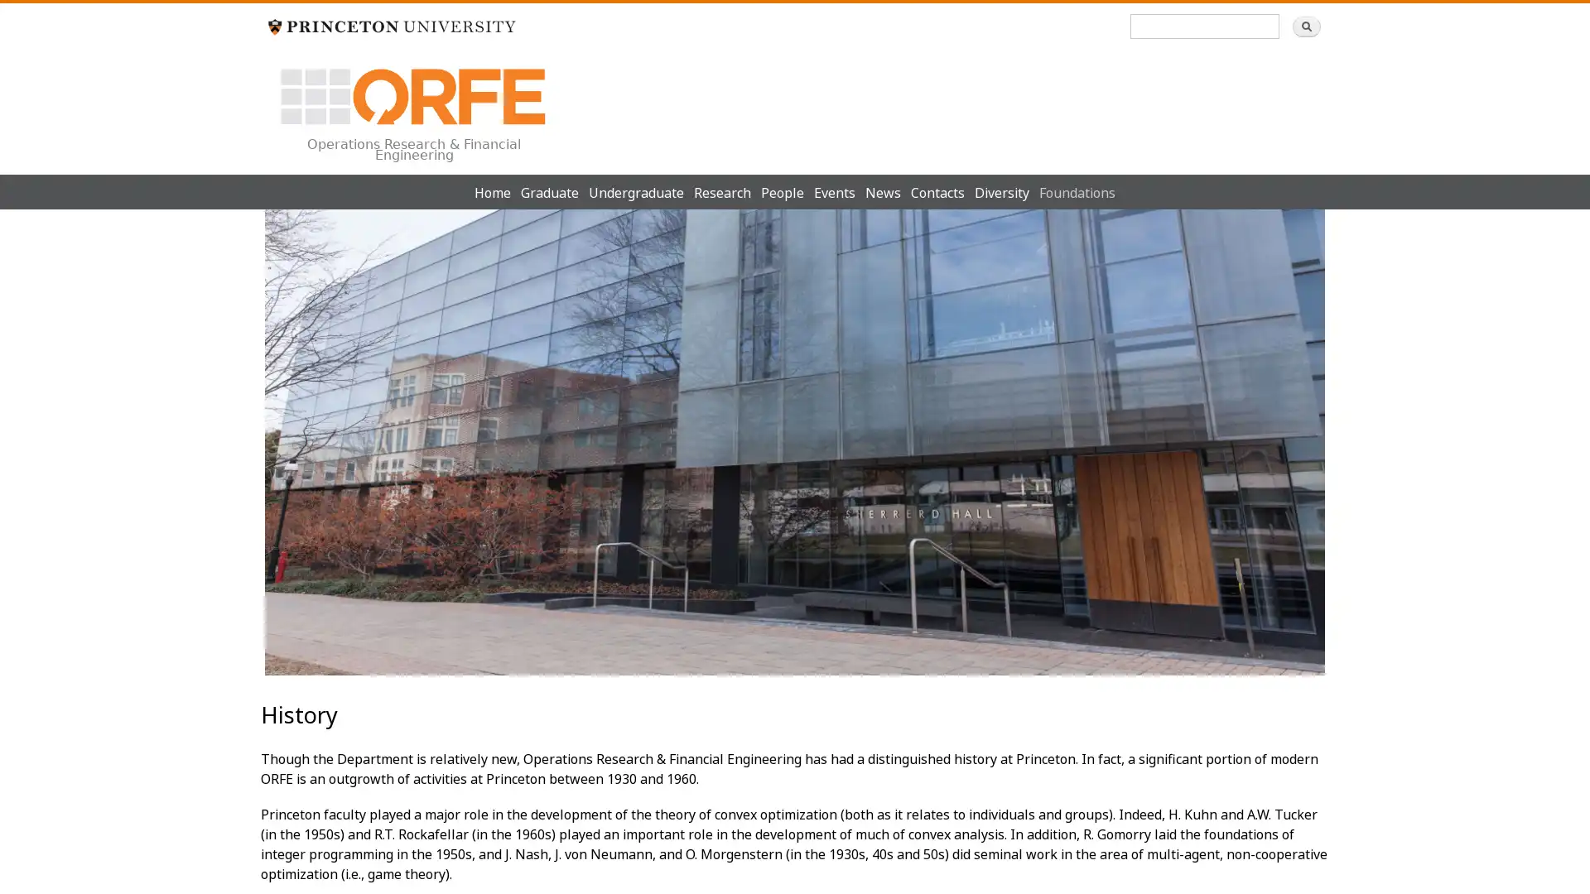 Image resolution: width=1590 pixels, height=894 pixels. What do you see at coordinates (1306, 26) in the screenshot?
I see `Search` at bounding box center [1306, 26].